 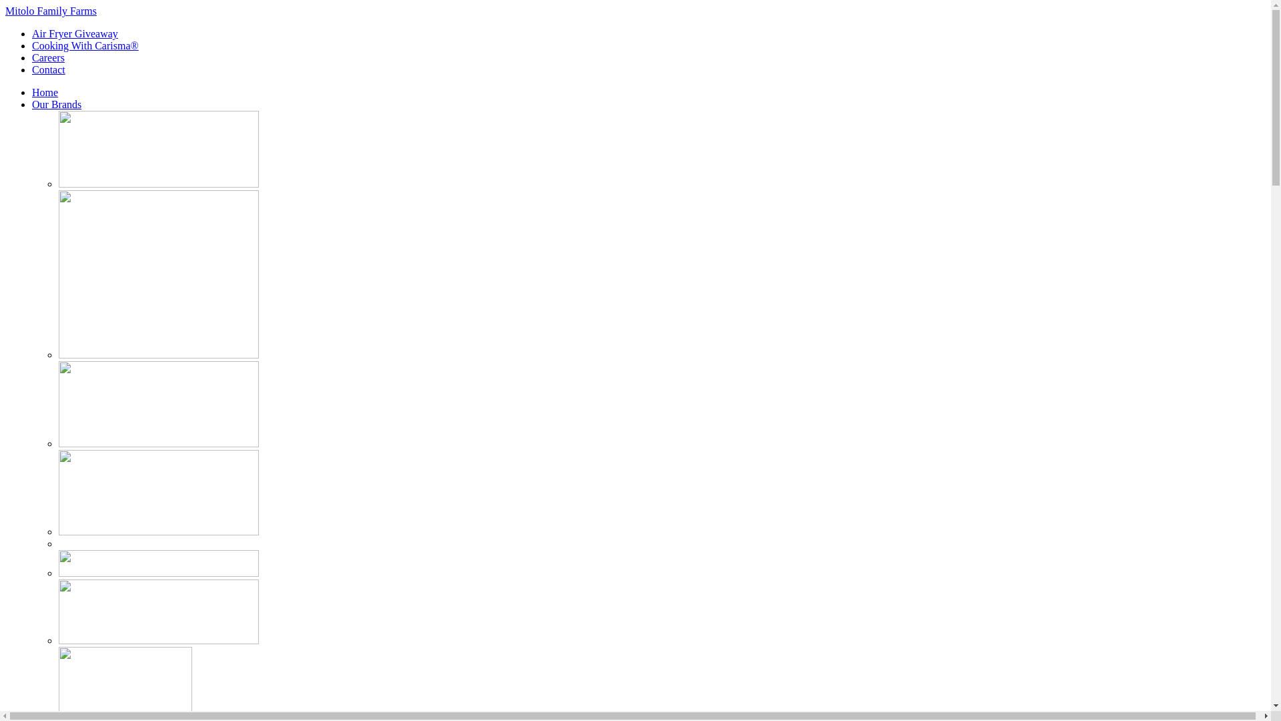 I want to click on 'Mitolo Family Farms', so click(x=5, y=11).